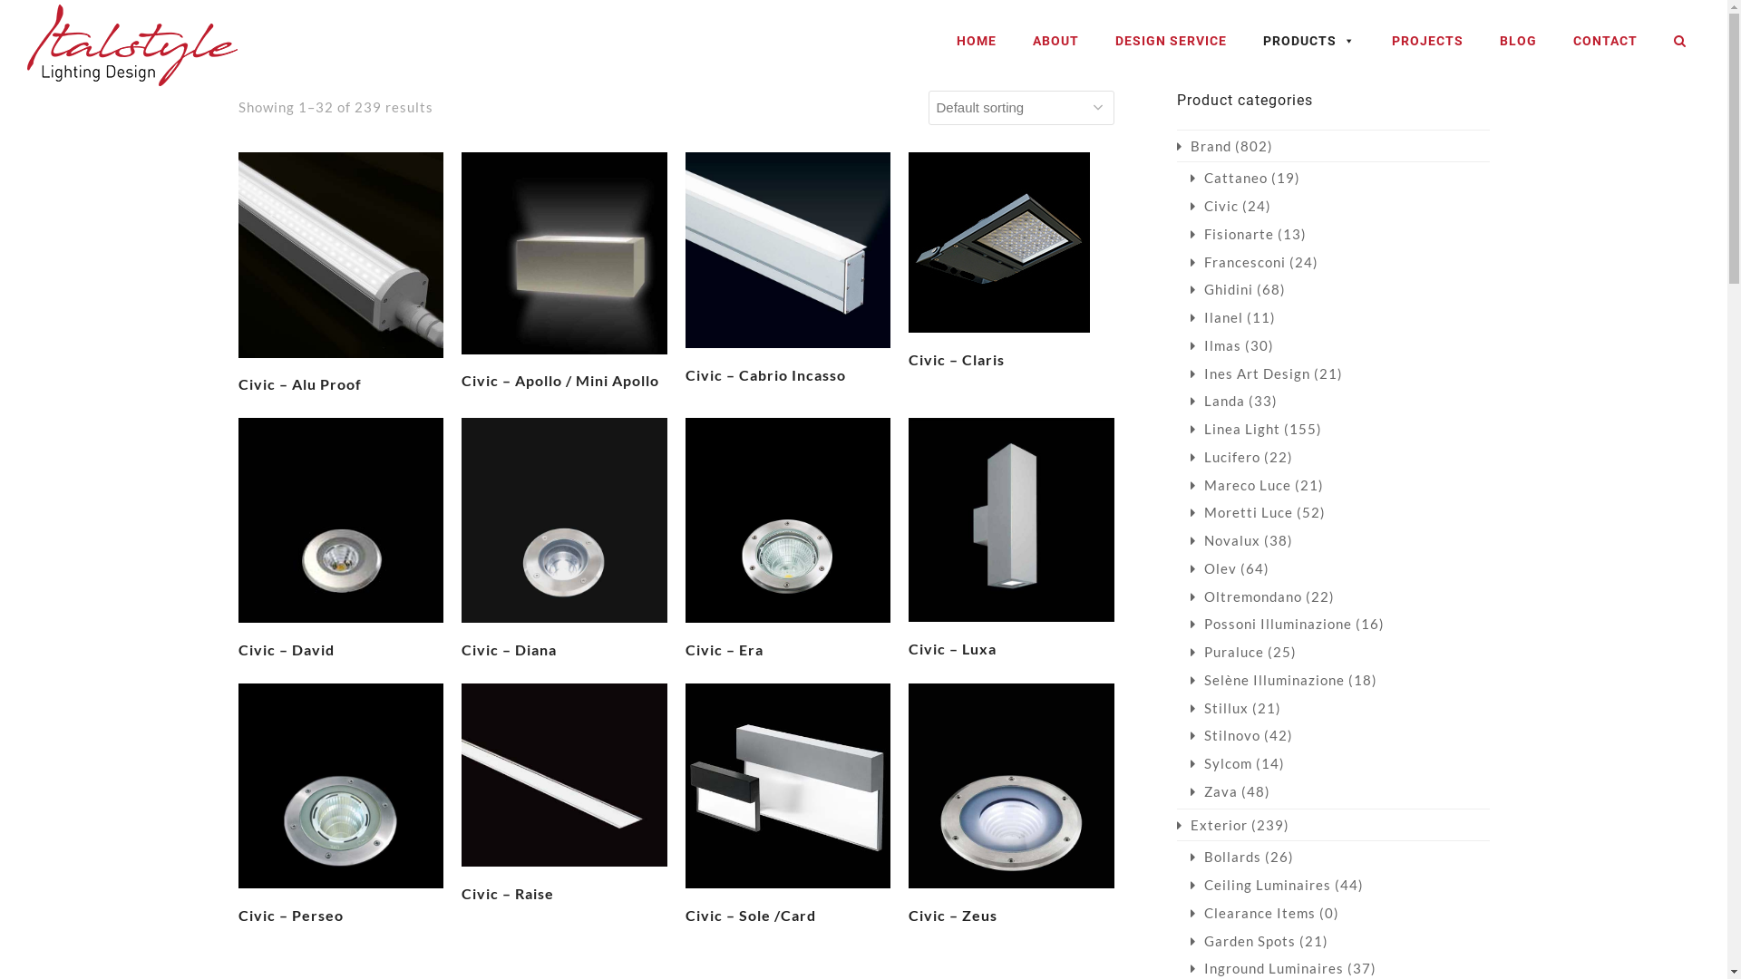 This screenshot has height=979, width=1741. Describe the element at coordinates (1214, 345) in the screenshot. I see `'Ilmas'` at that location.